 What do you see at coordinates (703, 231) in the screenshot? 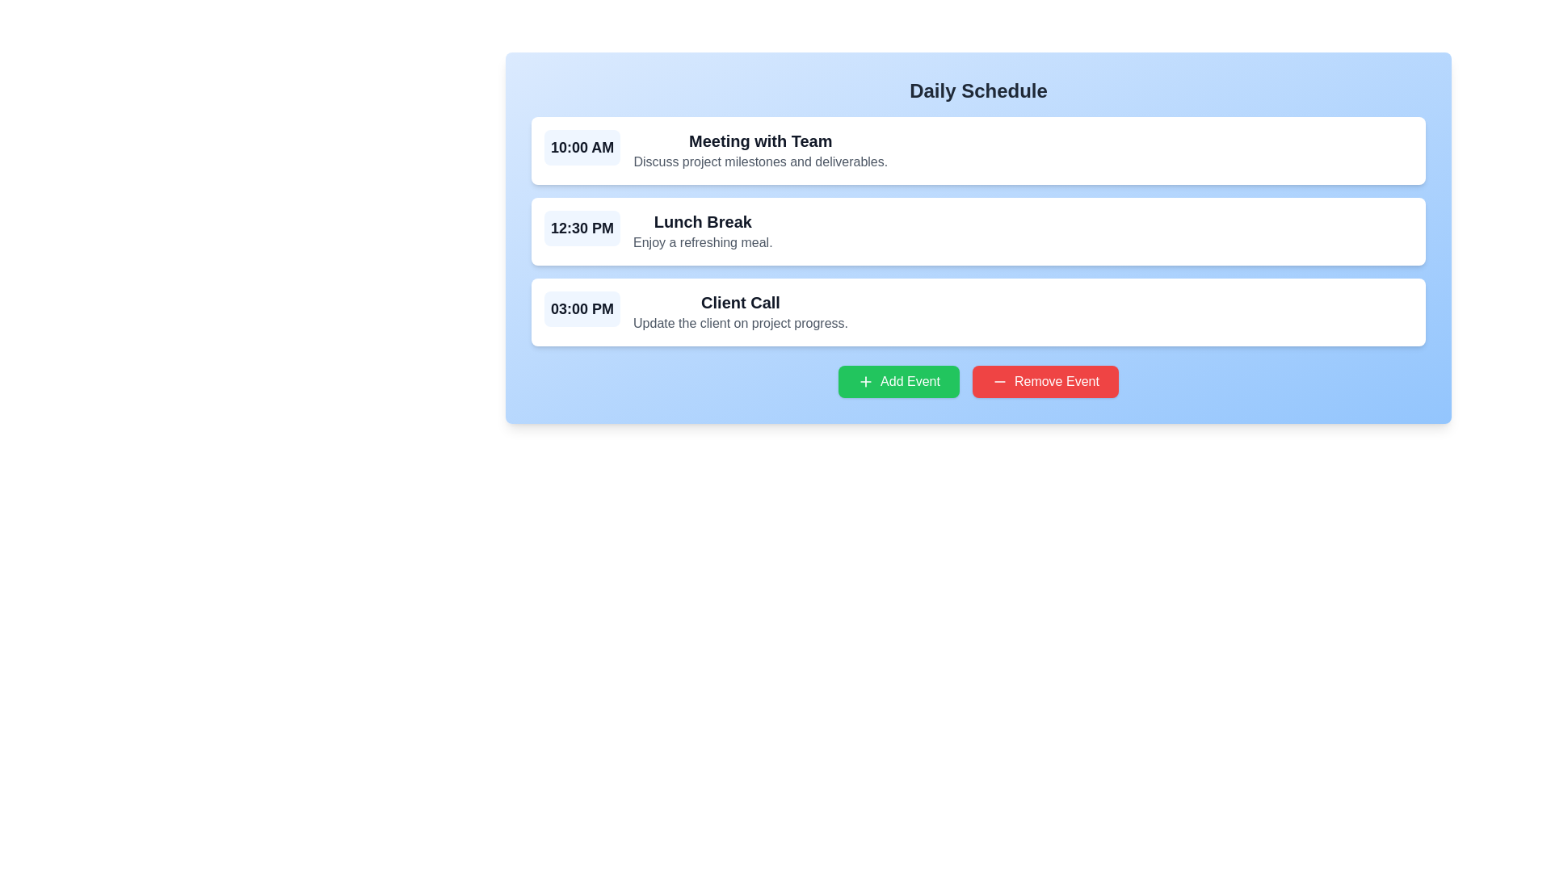
I see `the Text component serving as the title and description for the 'Lunch Break' event scheduled at 12:30 PM, located in the second event block of the 'Daily Schedule' interface` at bounding box center [703, 231].